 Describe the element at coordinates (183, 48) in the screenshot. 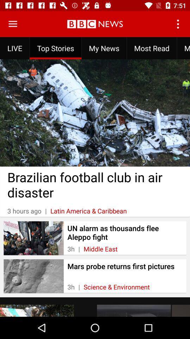

I see `the icon next to most read item` at that location.